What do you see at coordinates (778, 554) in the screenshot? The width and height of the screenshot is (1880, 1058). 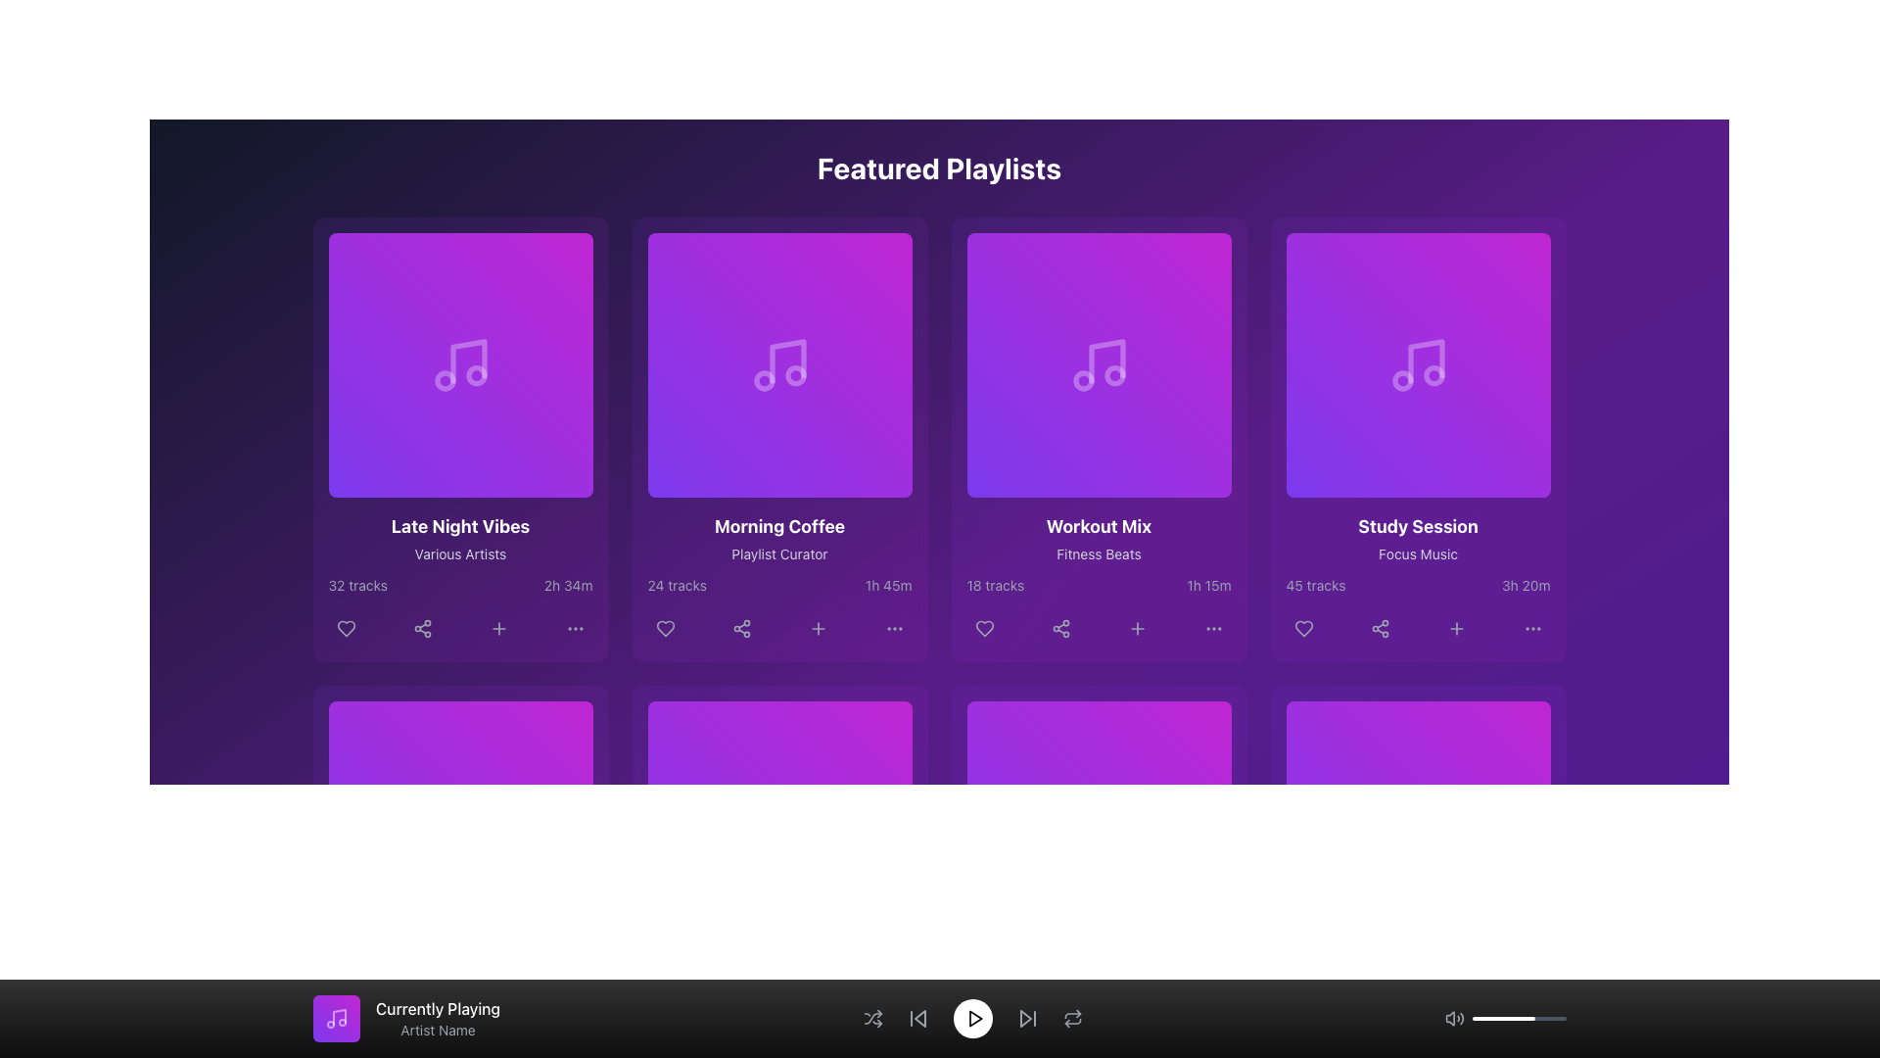 I see `the static text display that contains the words 'Playlist Curator', which is styled in gray and located below the playlist title 'Morning Coffee'` at bounding box center [778, 554].